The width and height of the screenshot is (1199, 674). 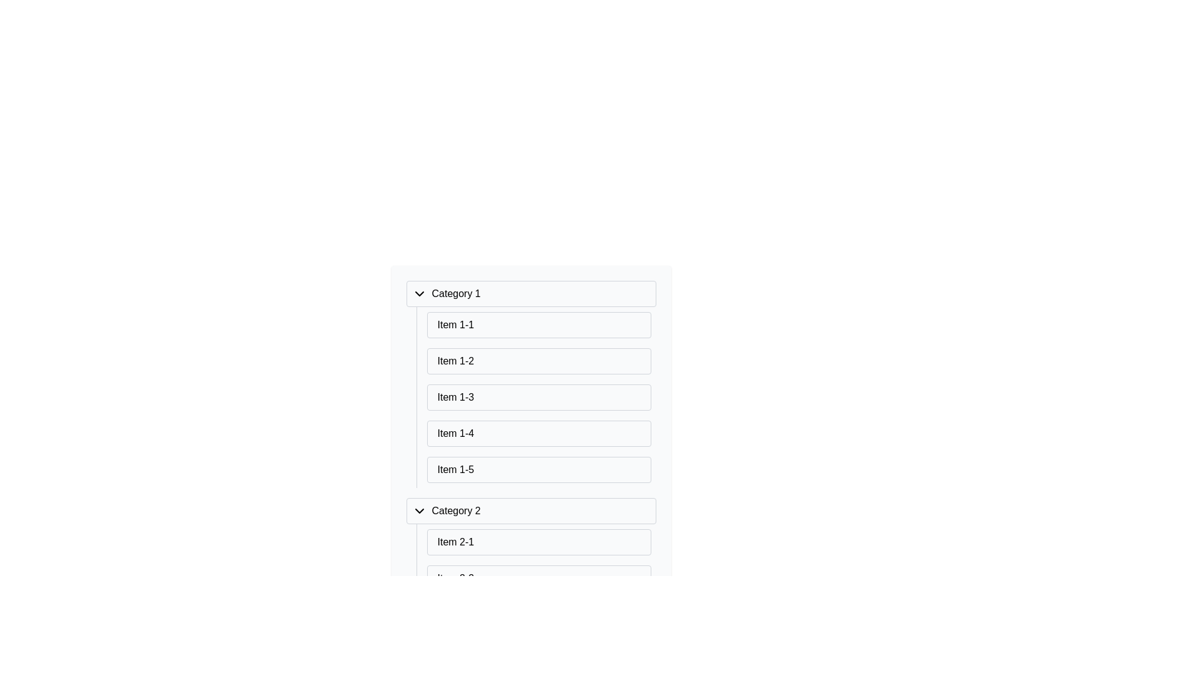 What do you see at coordinates (539, 578) in the screenshot?
I see `the List Item element labeled 'Item 2-2' located under 'Category 2'` at bounding box center [539, 578].